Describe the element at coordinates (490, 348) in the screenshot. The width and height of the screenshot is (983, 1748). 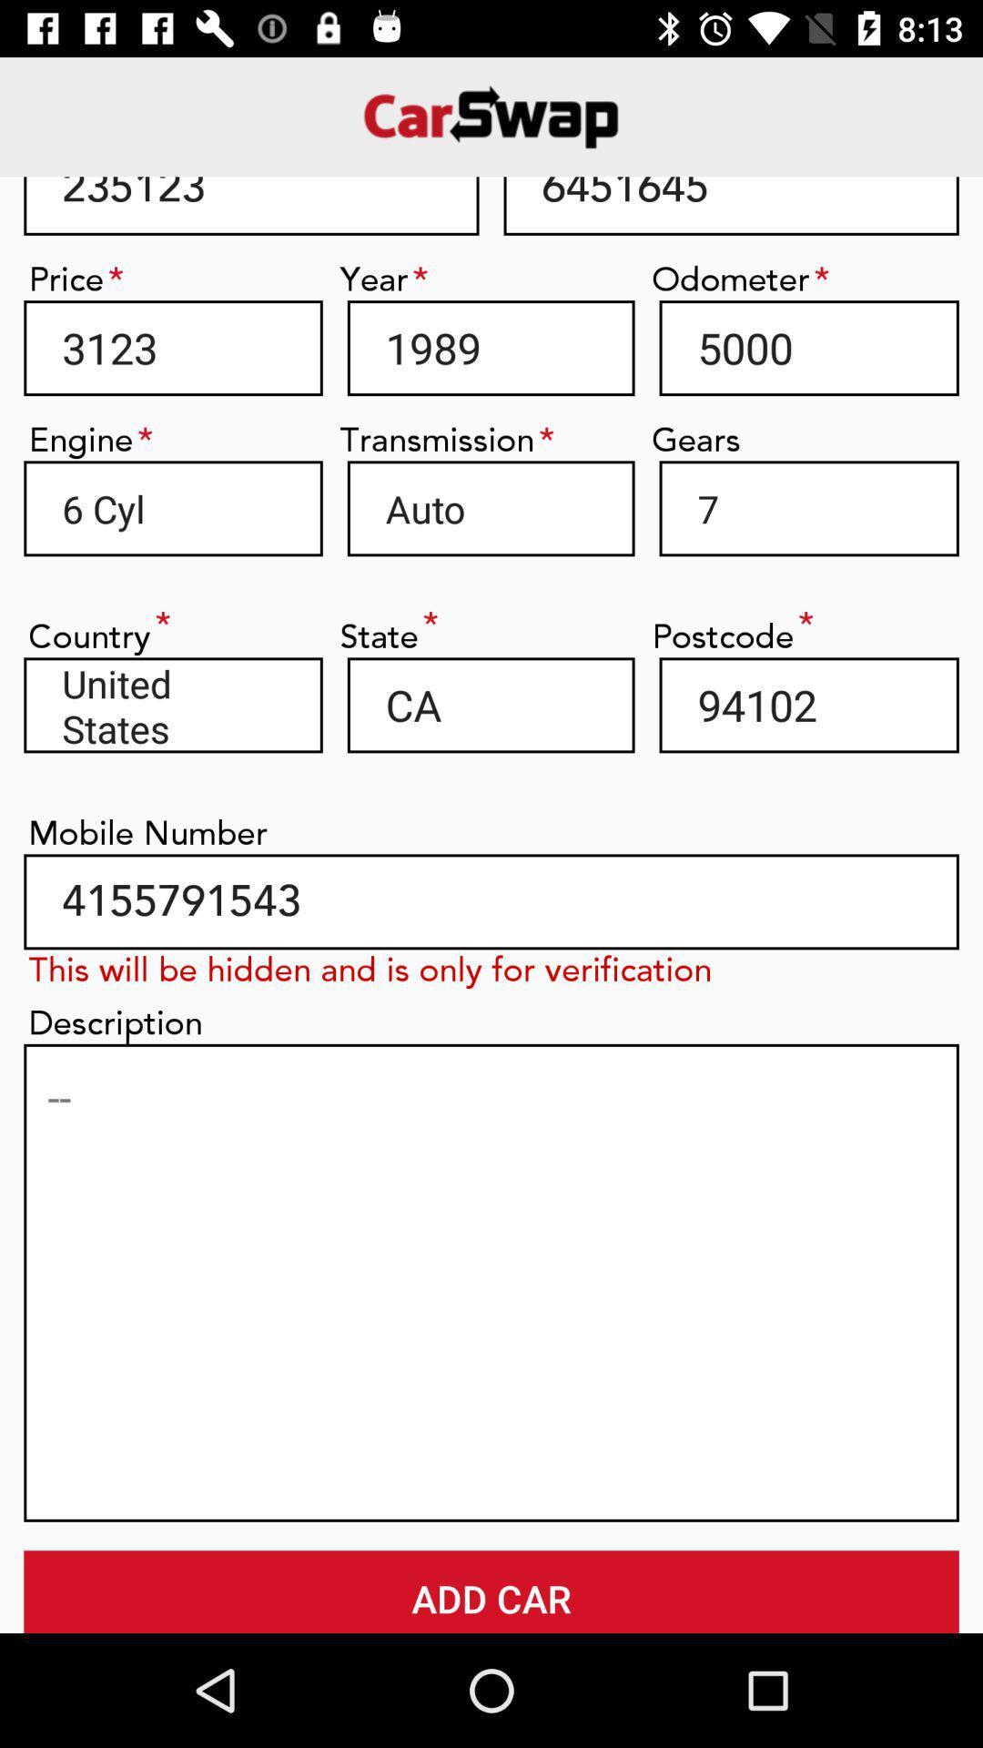
I see `1989 icon` at that location.